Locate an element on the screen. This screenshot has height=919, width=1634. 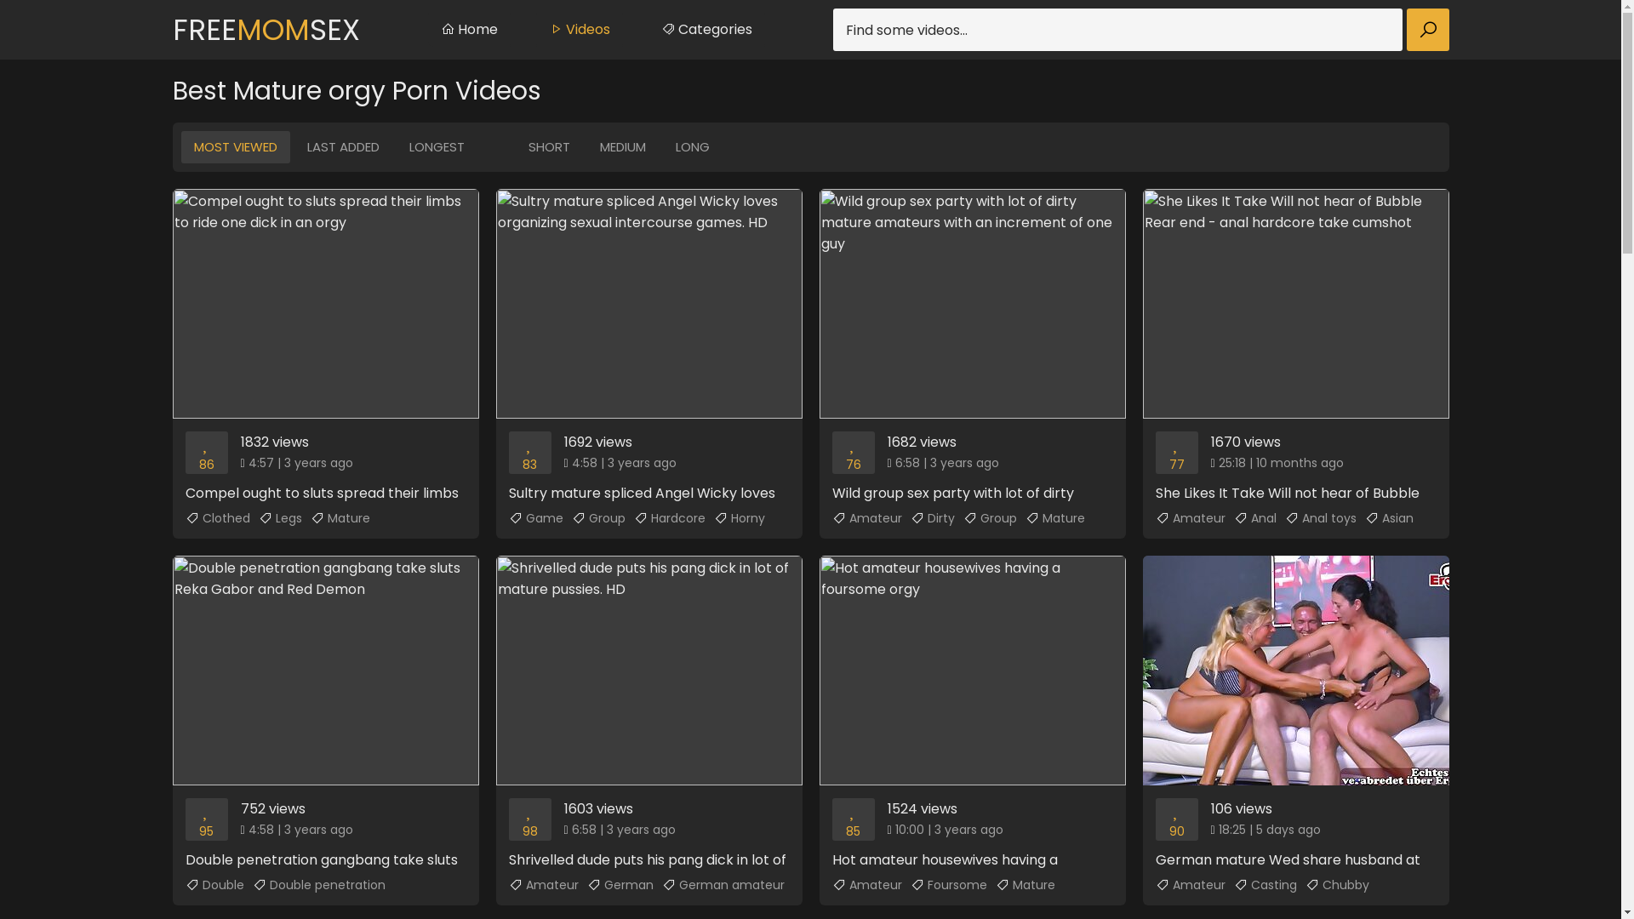
'Dirty' is located at coordinates (931, 517).